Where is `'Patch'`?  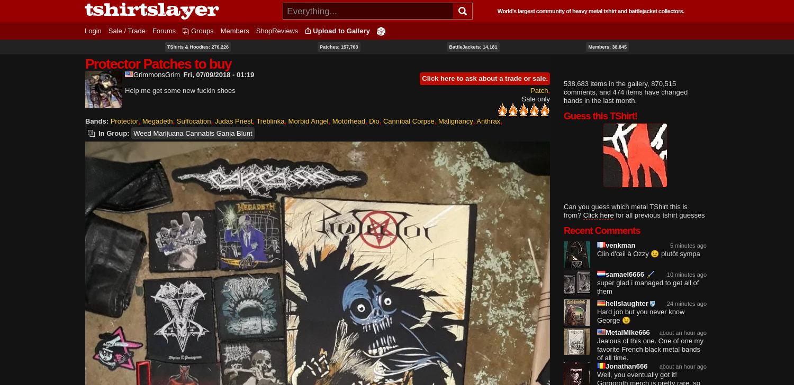
'Patch' is located at coordinates (539, 89).